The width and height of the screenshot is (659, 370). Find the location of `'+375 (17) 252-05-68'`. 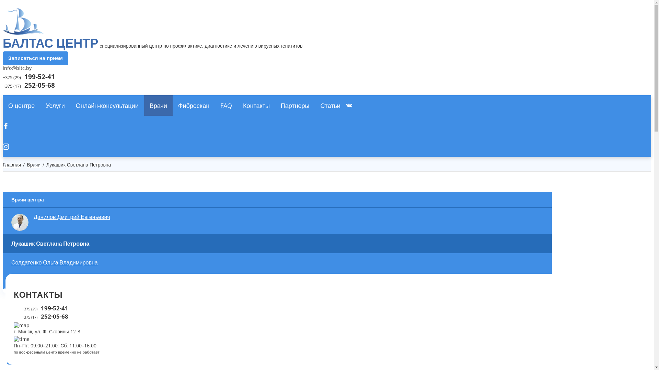

'+375 (17) 252-05-68' is located at coordinates (28, 85).